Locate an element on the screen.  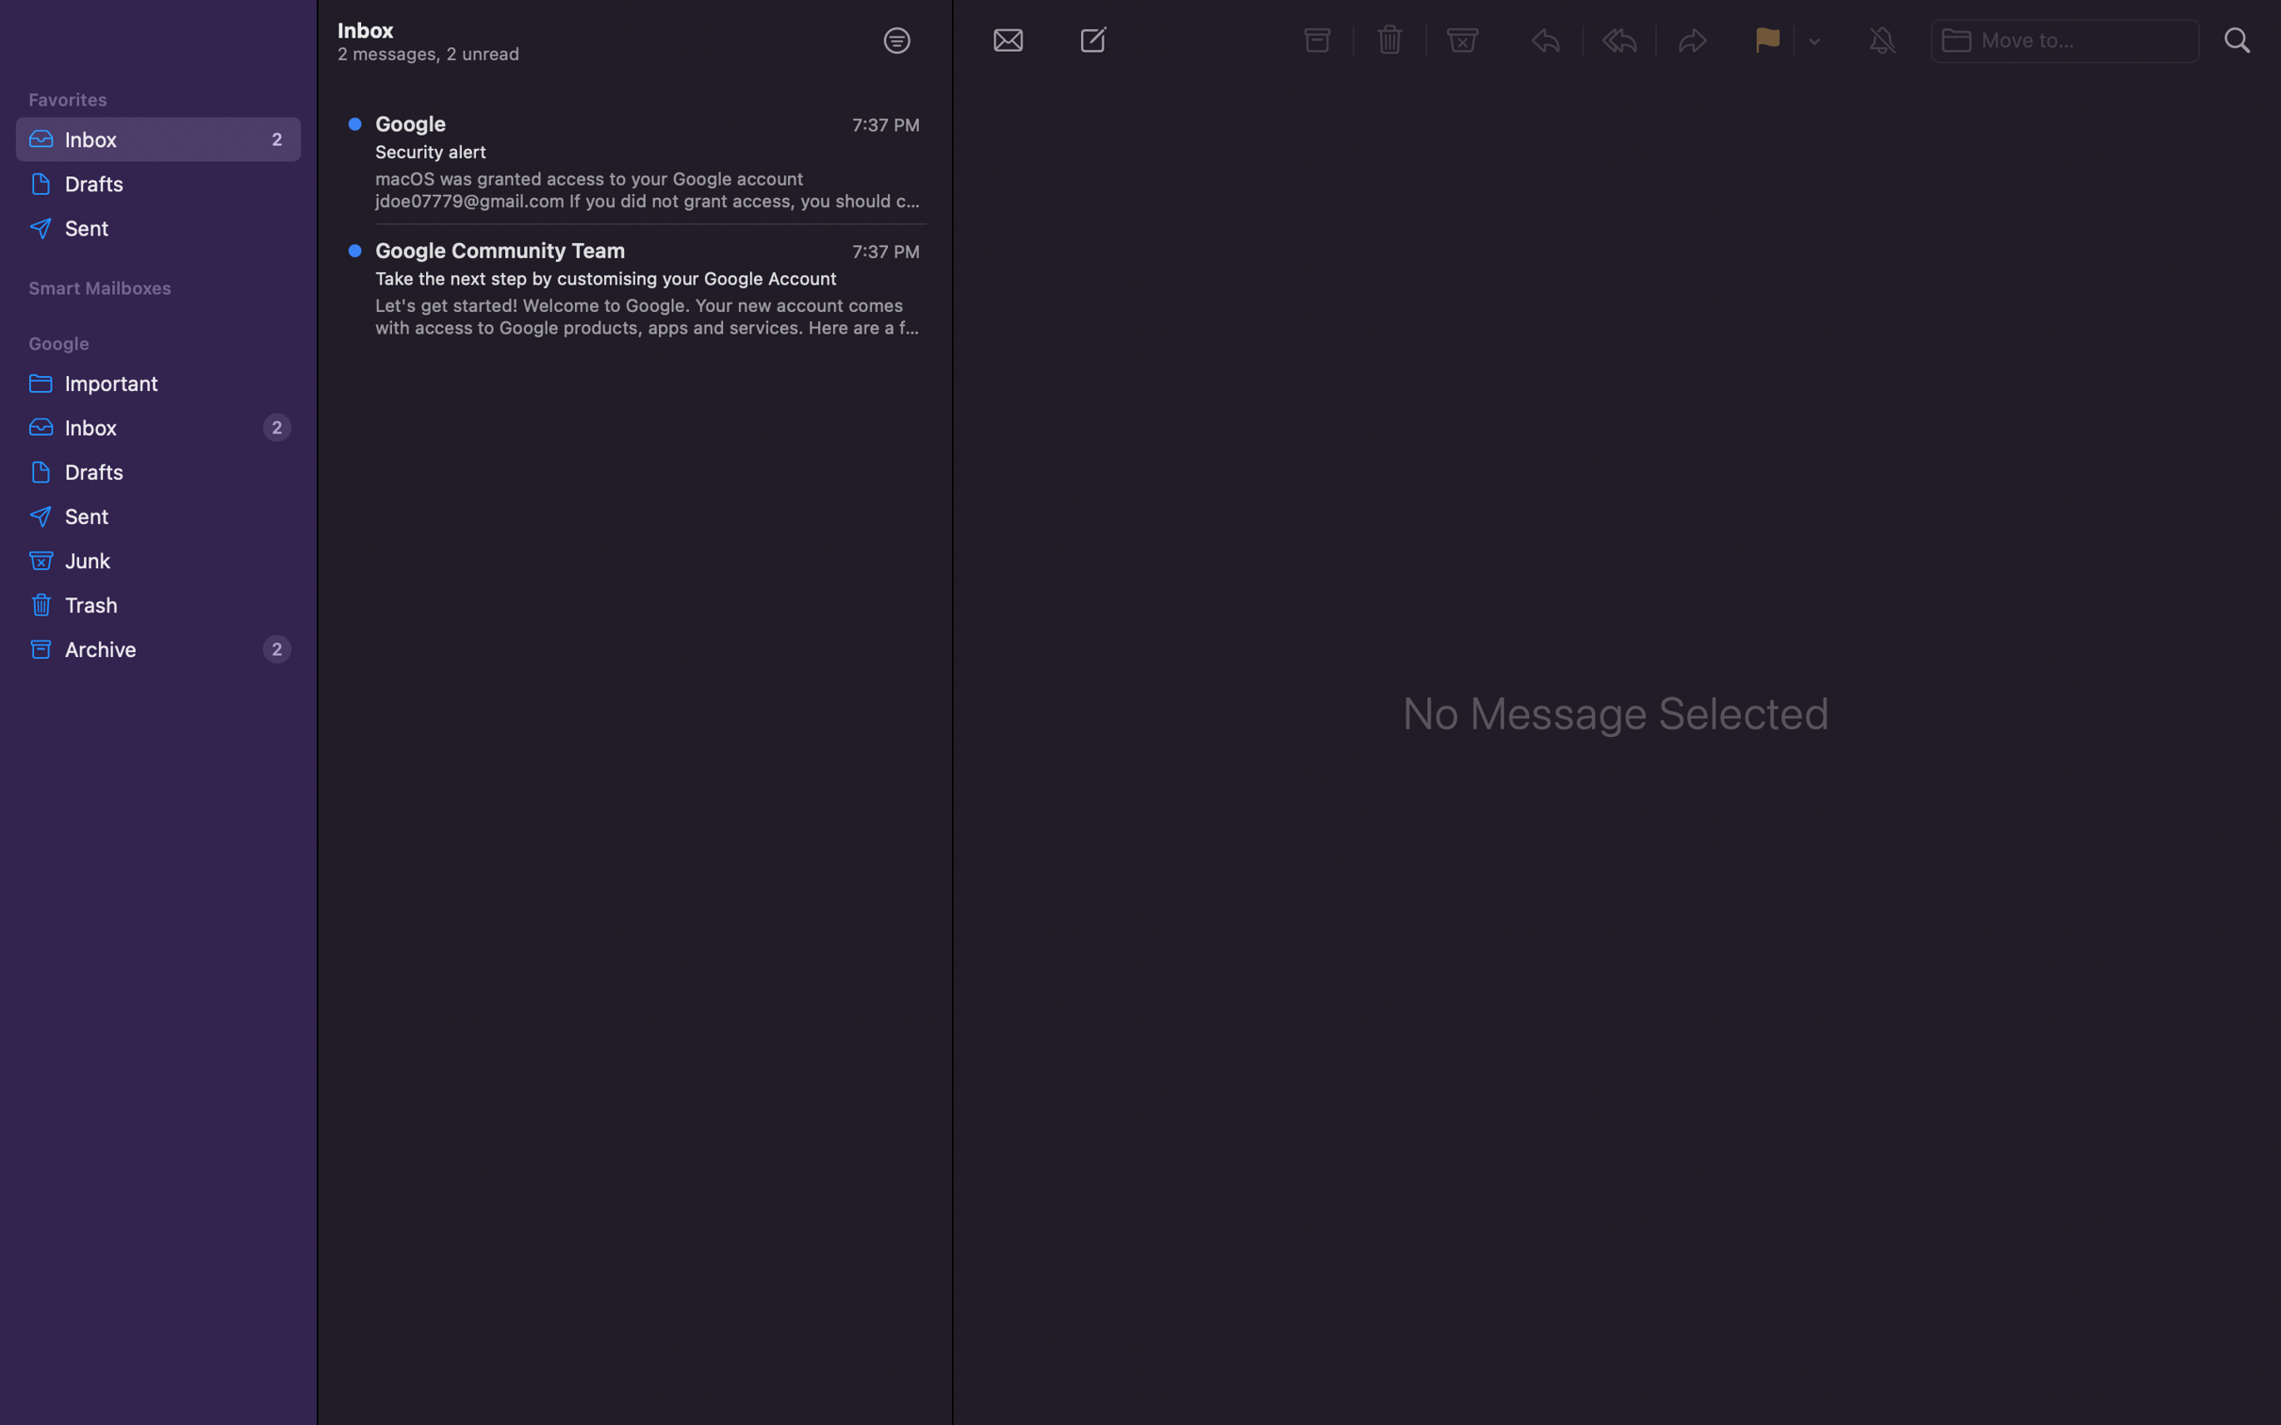
filter to separate unread messages is located at coordinates (895, 39).